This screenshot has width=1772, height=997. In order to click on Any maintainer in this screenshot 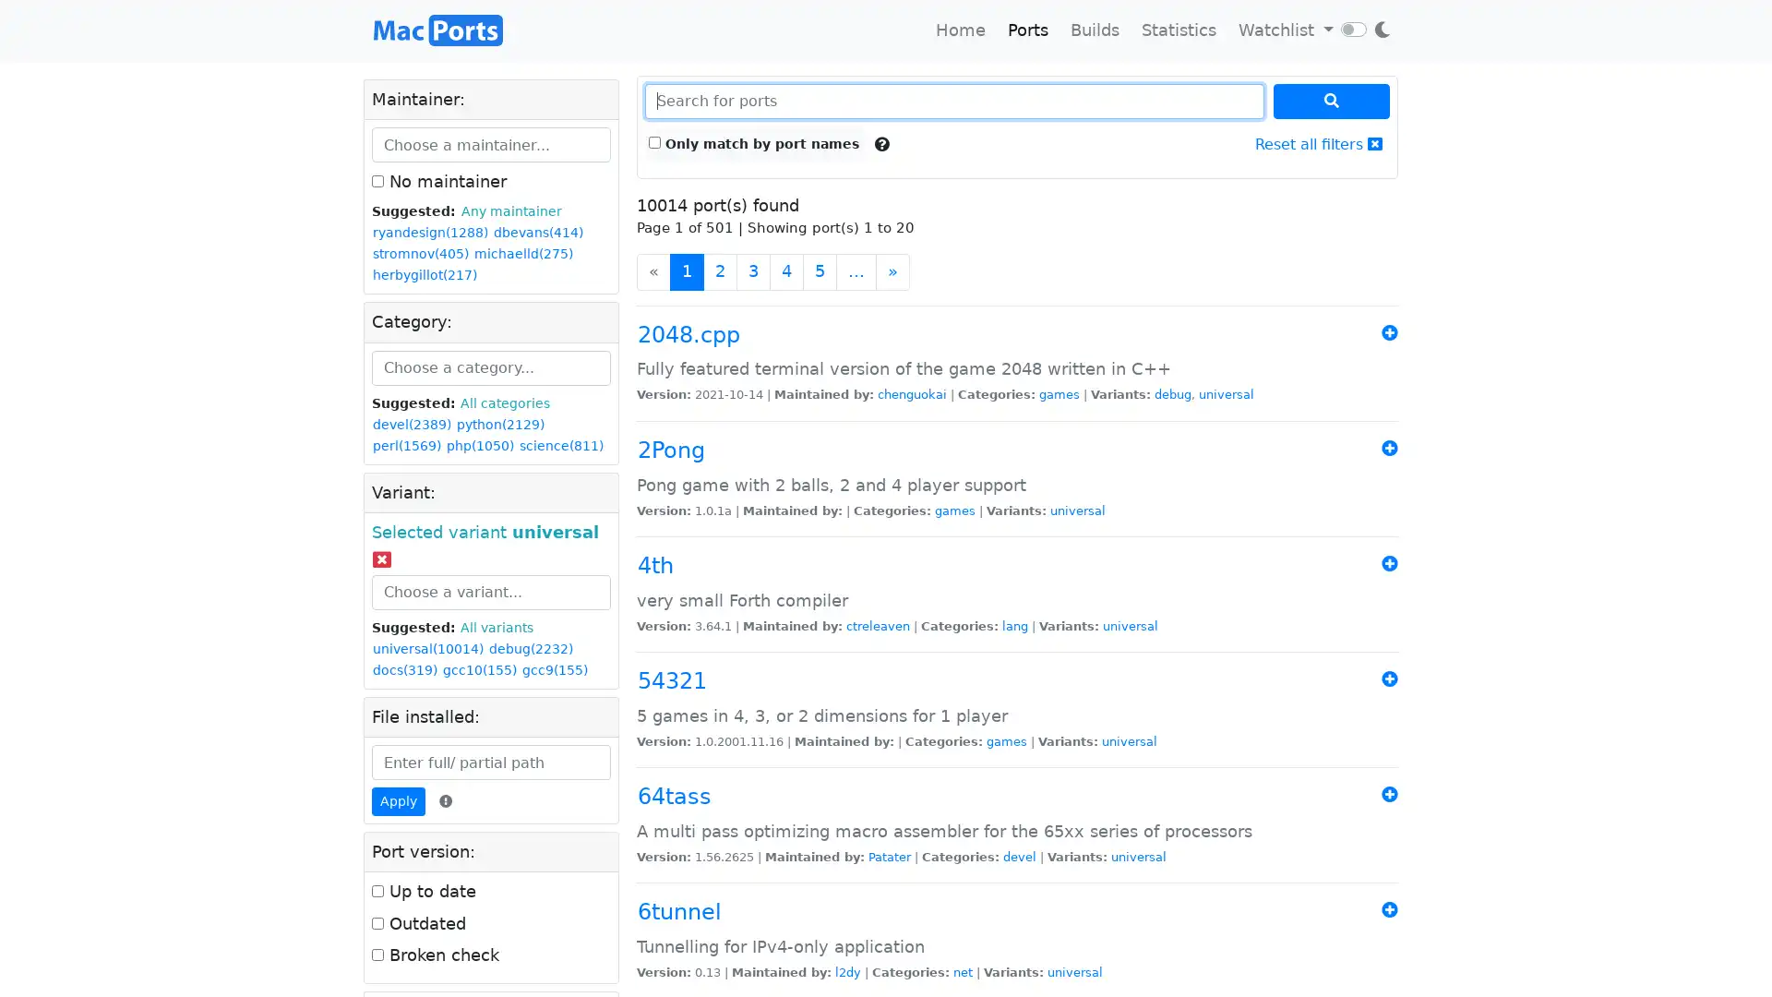, I will do `click(511, 210)`.